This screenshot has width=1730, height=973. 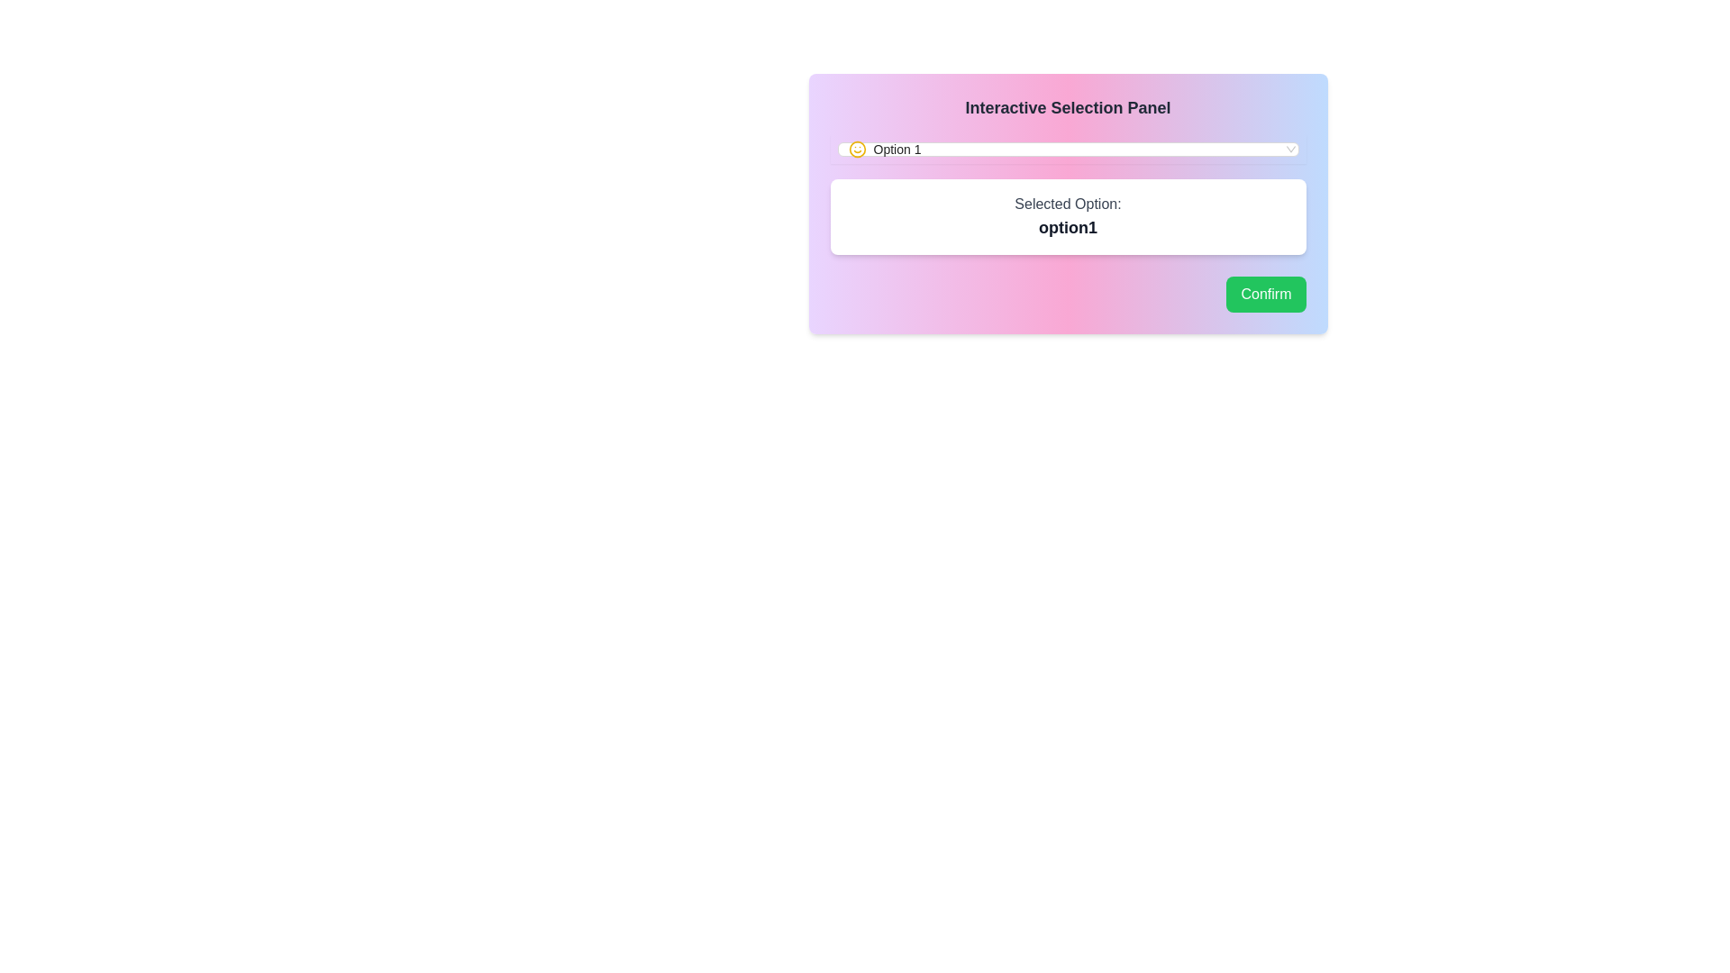 What do you see at coordinates (1068, 107) in the screenshot?
I see `the text header displaying 'Interactive Selection Panel' at the top of the colorful, gradient-styled card interface` at bounding box center [1068, 107].